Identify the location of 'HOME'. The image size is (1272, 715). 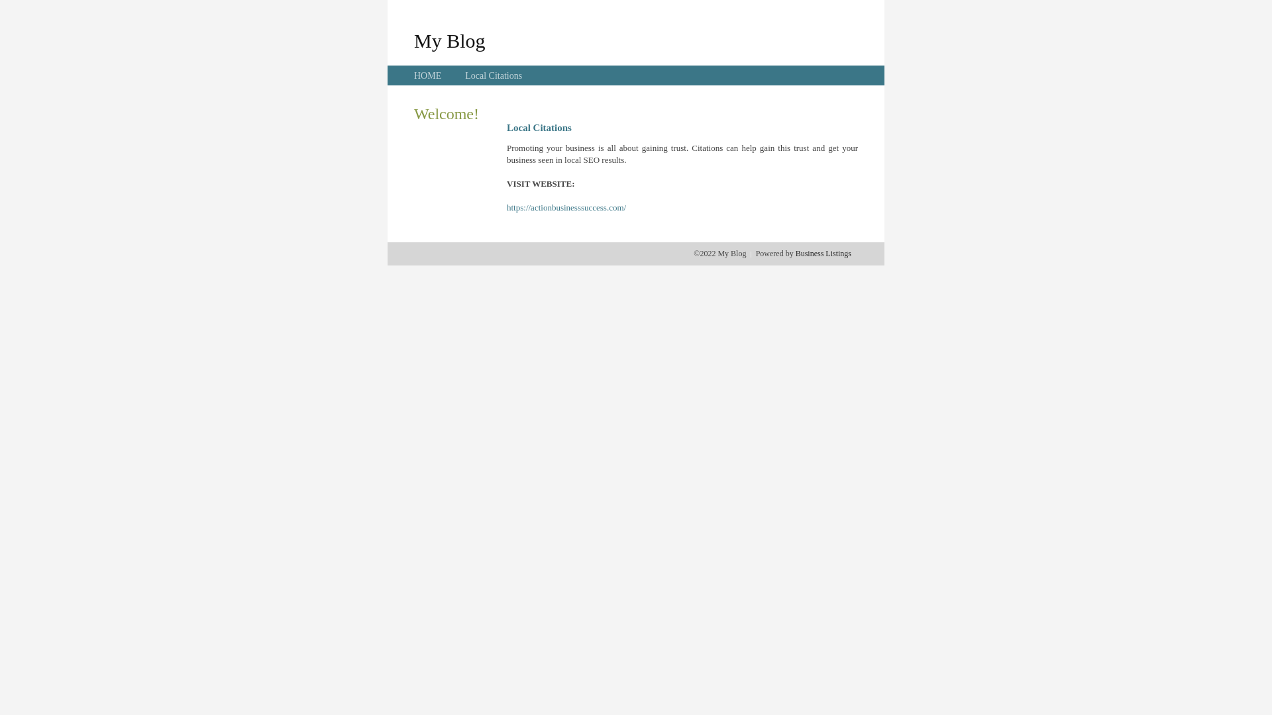
(413, 75).